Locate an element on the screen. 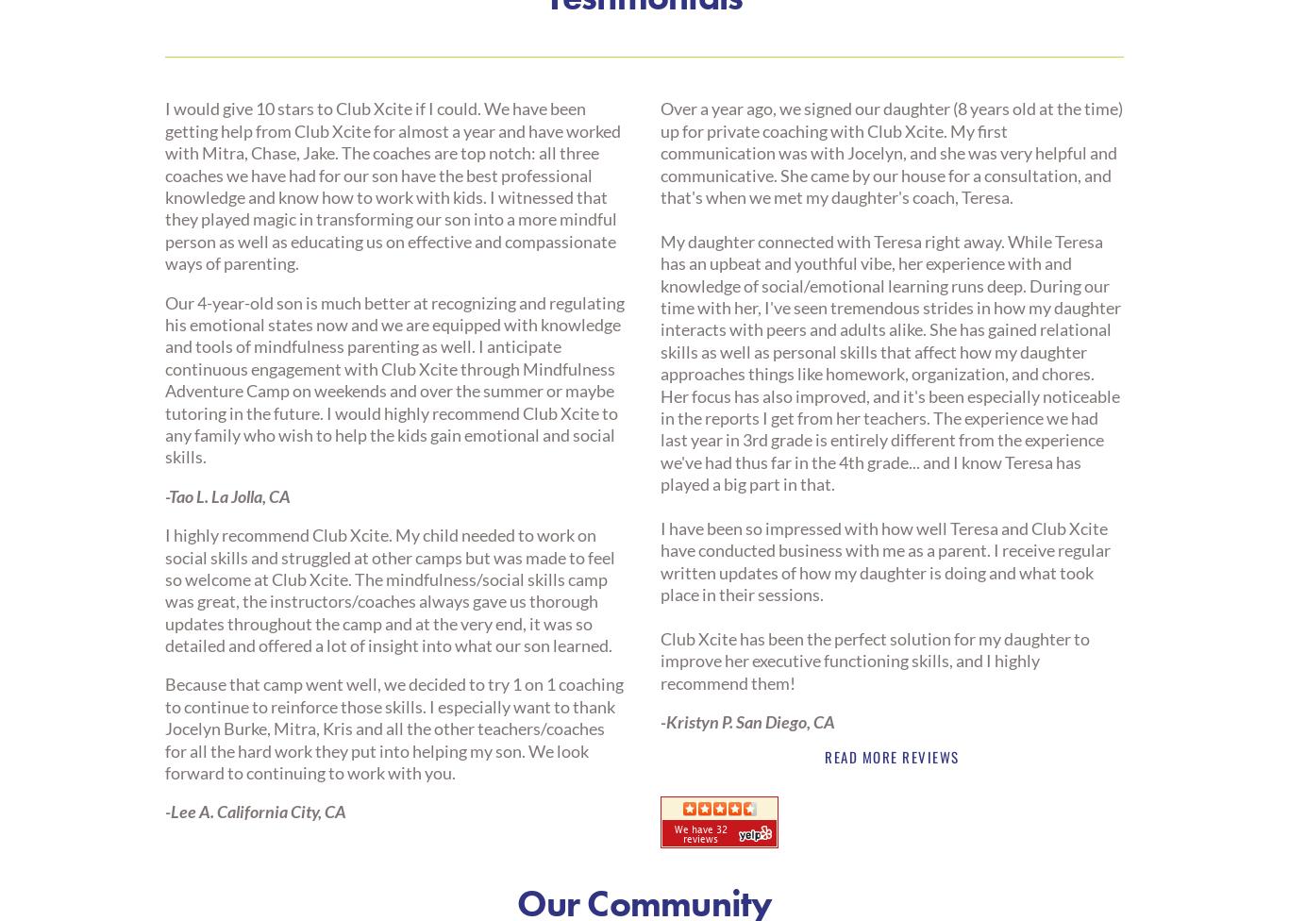 Image resolution: width=1289 pixels, height=921 pixels. 'I would give 10 stars to Club Xcite if I could. We have been getting help from Club Xcite for almost a year and have worked with Mitra, Chase, Jake. The coaches are top notch: all three coaches we have had for our son have the best professional knowledge and know how to work with kids. I witnessed that they played magic in transforming our son into a more mindful person as well as educating us on effective and compassionate ways of parenting.' is located at coordinates (393, 184).